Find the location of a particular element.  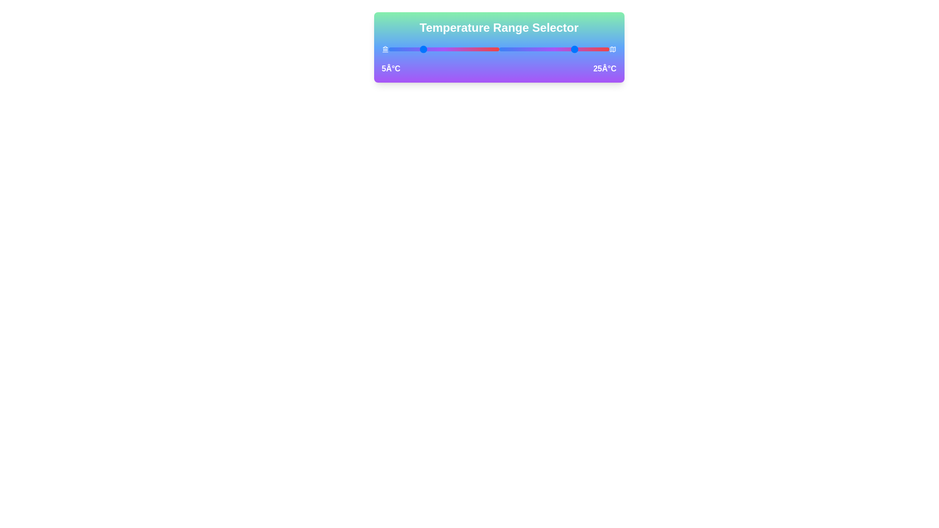

the left temperature slider to 0°C is located at coordinates (410, 49).